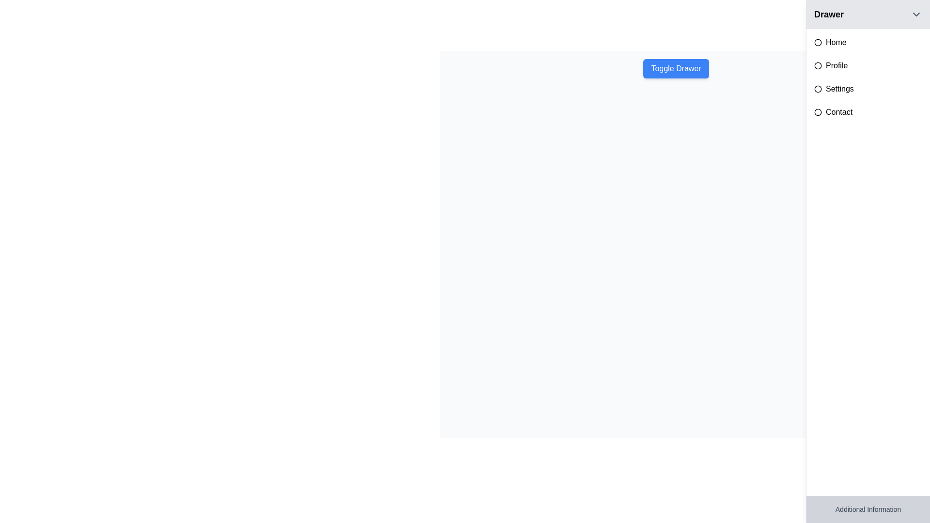 The height and width of the screenshot is (523, 930). I want to click on text from the Text Label located at the bottom-right corner of the interface within the footer region, which provides additional context or meta-information to users, so click(868, 509).